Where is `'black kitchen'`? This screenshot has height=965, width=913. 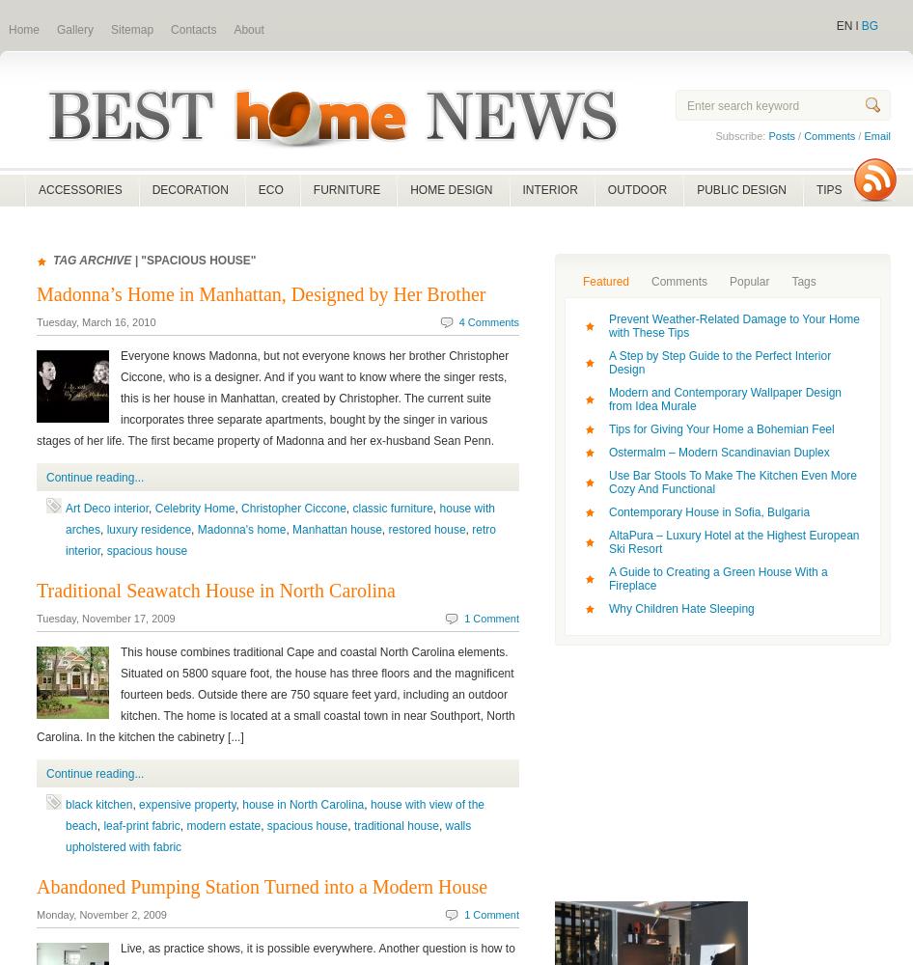 'black kitchen' is located at coordinates (66, 804).